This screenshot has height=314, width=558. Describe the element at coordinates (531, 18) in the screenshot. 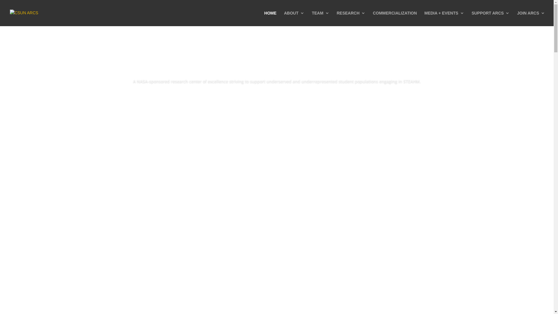

I see `'JOIN ARCS'` at that location.